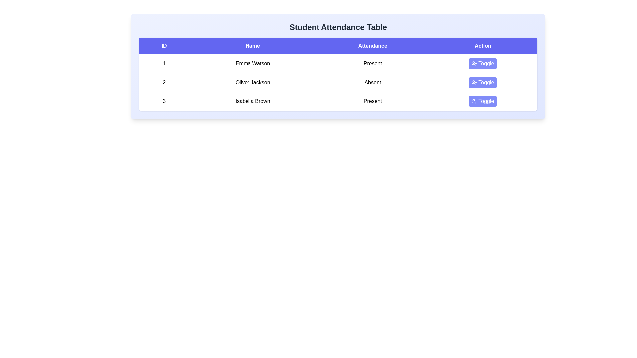 The width and height of the screenshot is (637, 358). Describe the element at coordinates (373, 82) in the screenshot. I see `text of the attendance status label for 'Oliver Jackson', which indicates 'Absent'` at that location.